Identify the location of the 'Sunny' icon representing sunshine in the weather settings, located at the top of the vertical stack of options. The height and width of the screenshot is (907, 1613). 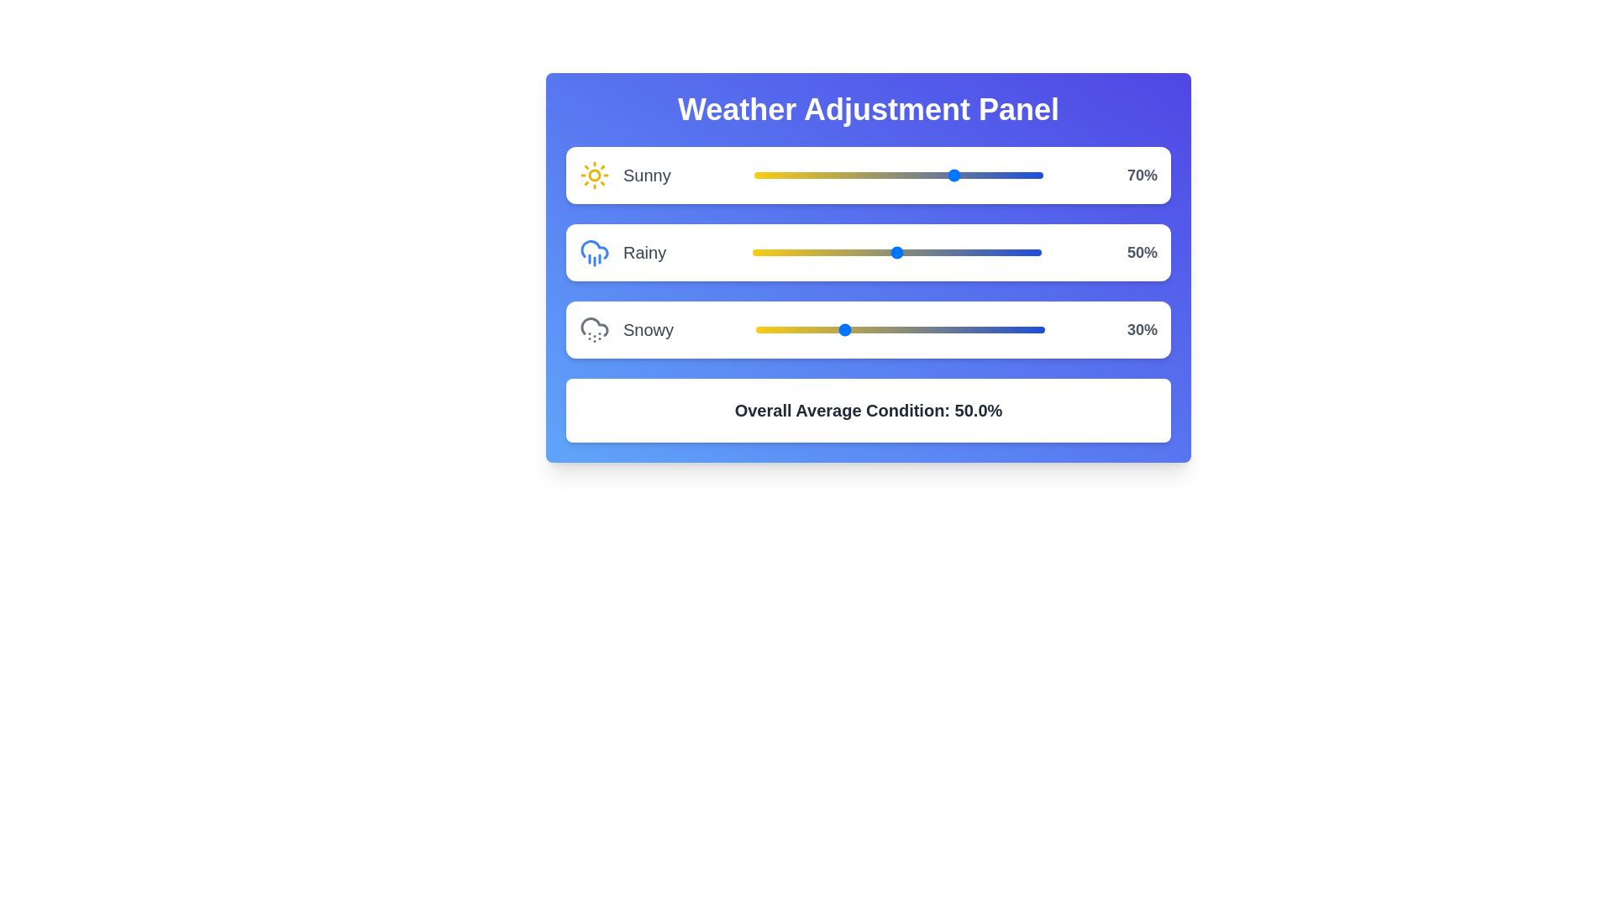
(595, 175).